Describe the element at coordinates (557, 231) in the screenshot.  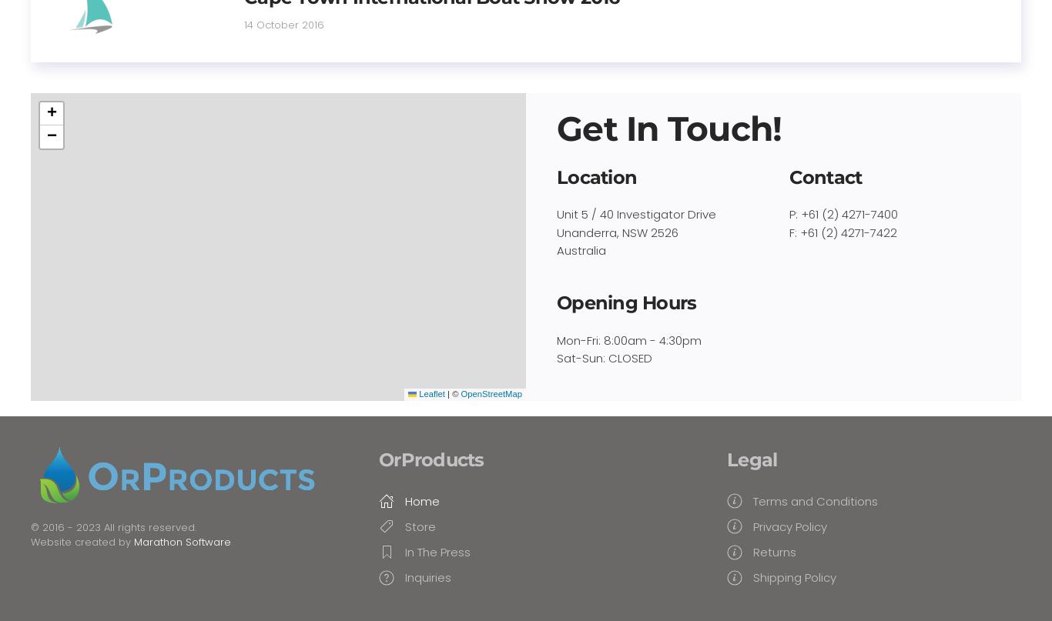
I see `'Unanderra, NSW 2526'` at that location.